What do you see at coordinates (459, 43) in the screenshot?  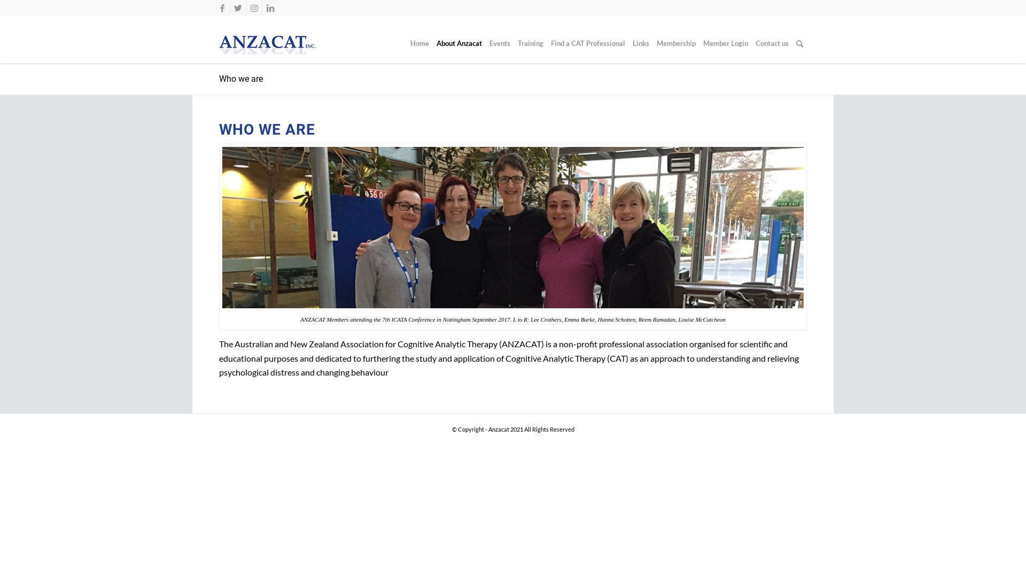 I see `'About Anzacat'` at bounding box center [459, 43].